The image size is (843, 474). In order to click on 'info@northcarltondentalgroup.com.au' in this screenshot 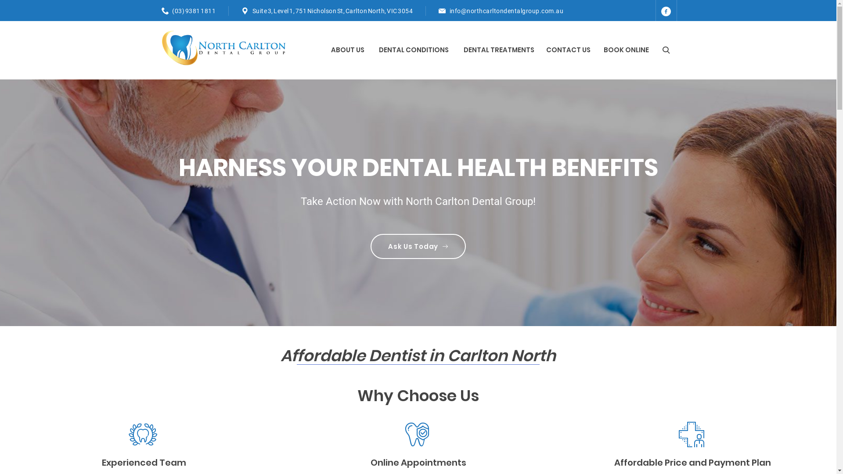, I will do `click(449, 11)`.